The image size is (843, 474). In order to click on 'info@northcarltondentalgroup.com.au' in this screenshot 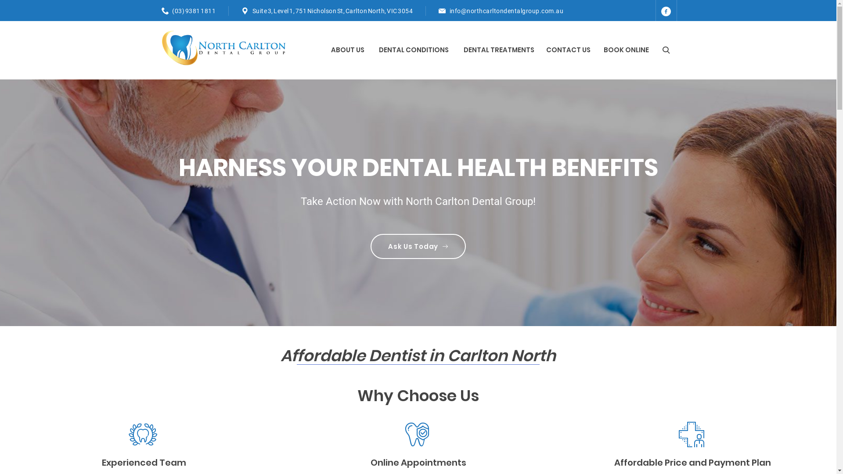, I will do `click(449, 11)`.